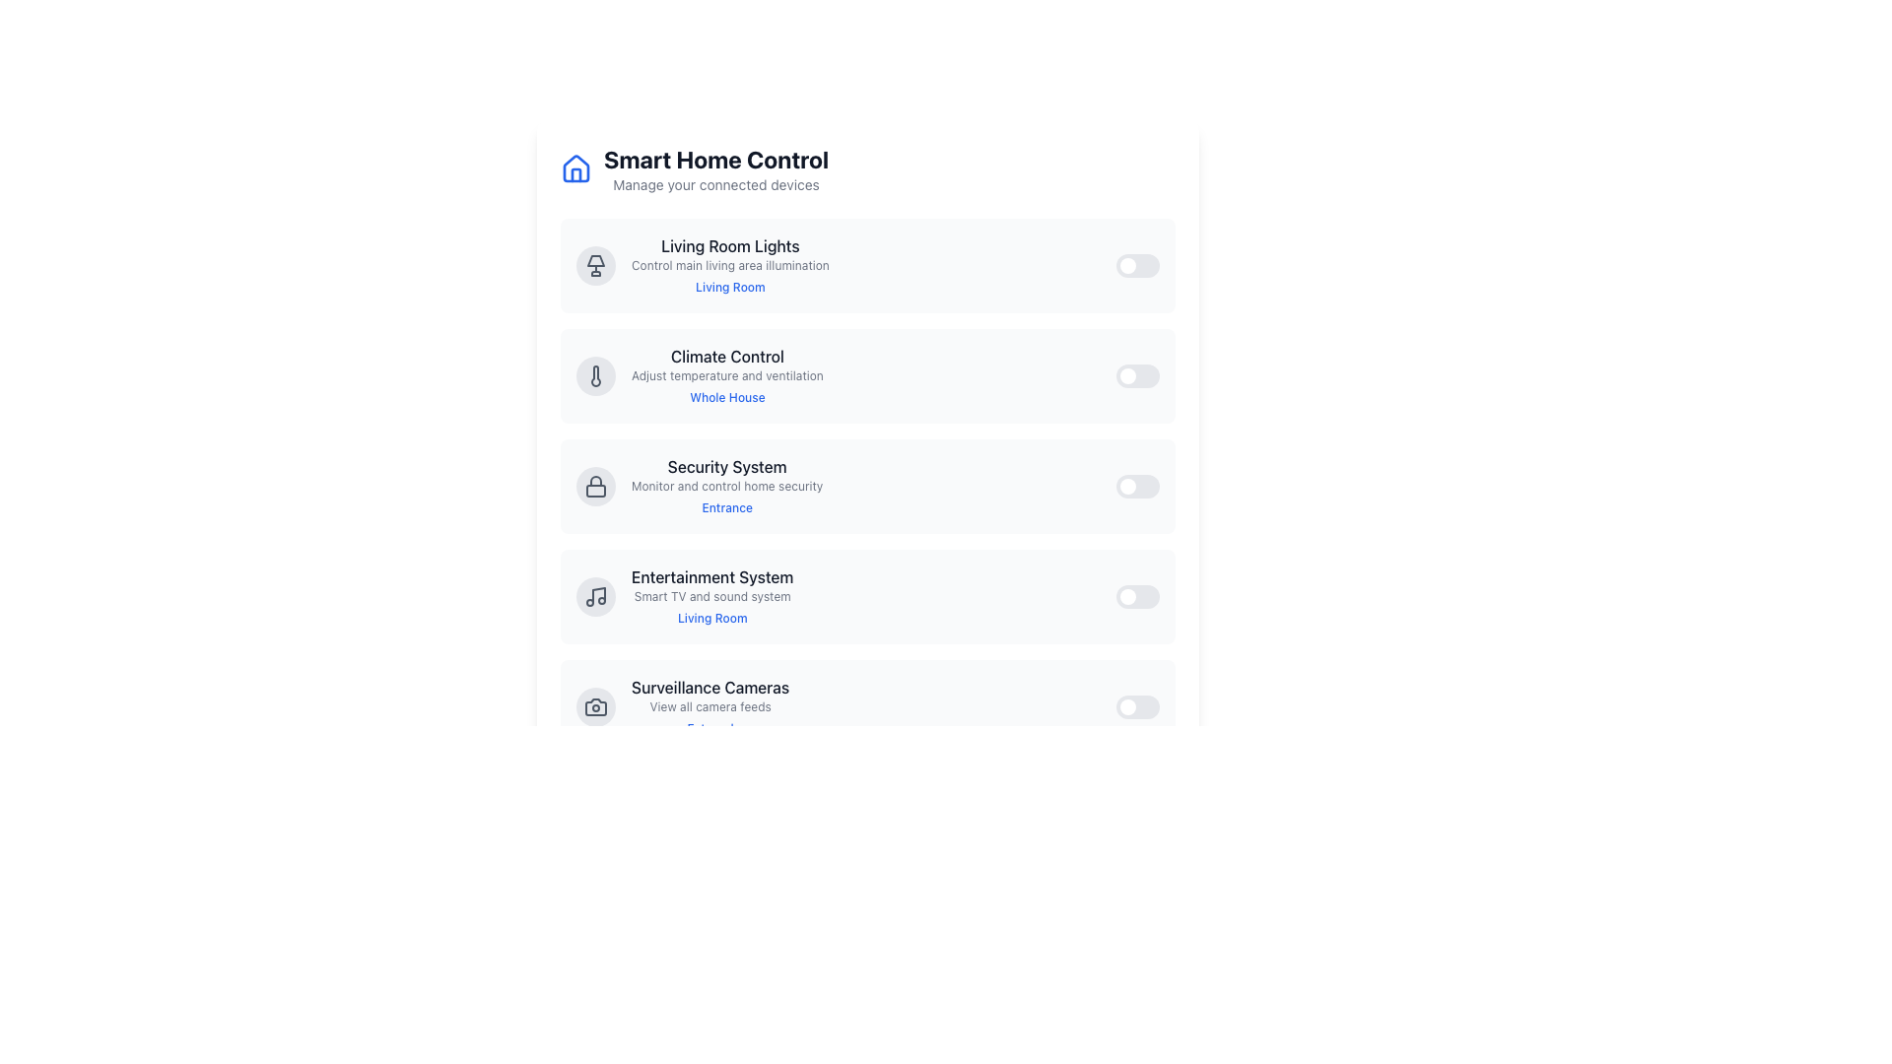 Image resolution: width=1892 pixels, height=1064 pixels. I want to click on the house icon with a blue outline located to the left of the 'Smart Home Control' text in the top section of the interface, so click(575, 168).